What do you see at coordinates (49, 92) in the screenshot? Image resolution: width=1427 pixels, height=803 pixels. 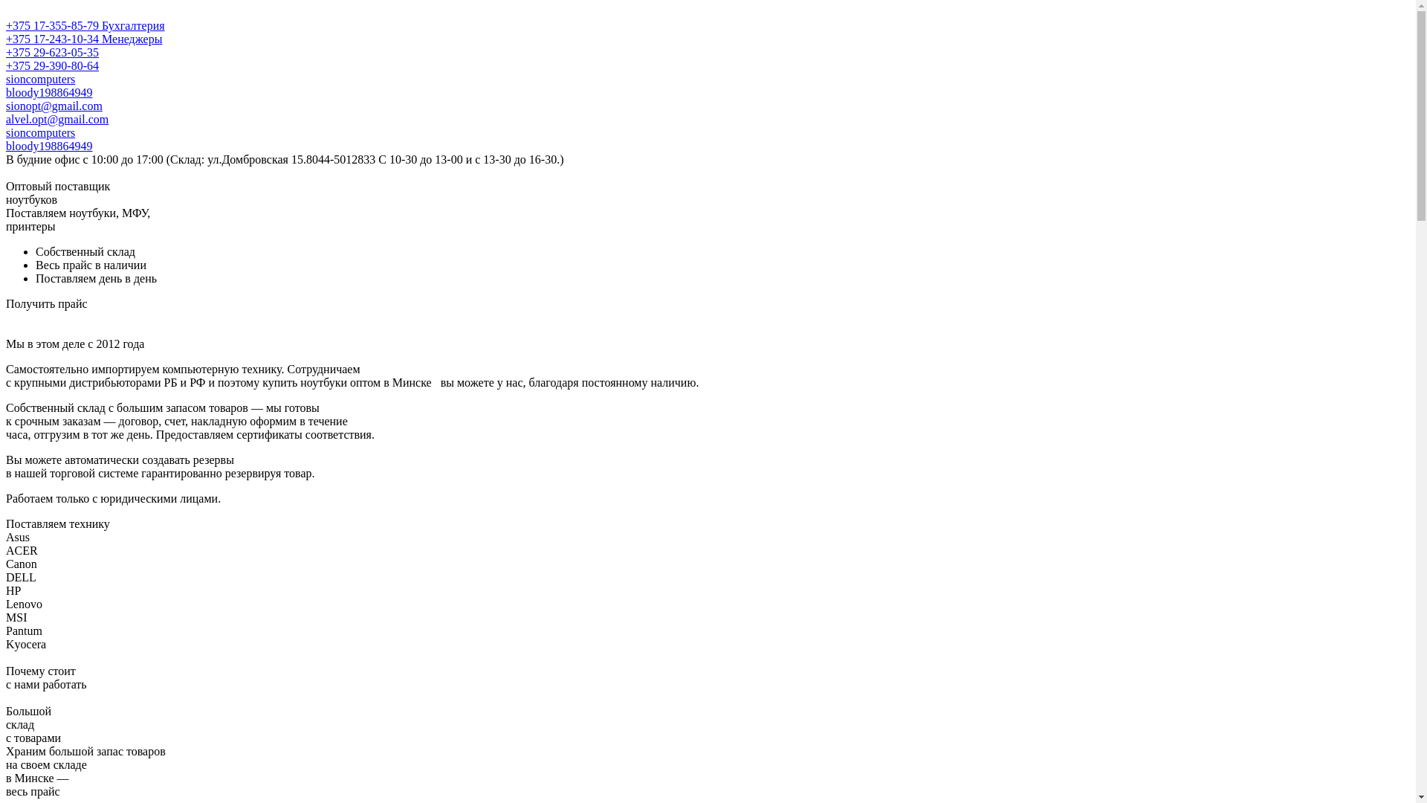 I see `'bloody198864949'` at bounding box center [49, 92].